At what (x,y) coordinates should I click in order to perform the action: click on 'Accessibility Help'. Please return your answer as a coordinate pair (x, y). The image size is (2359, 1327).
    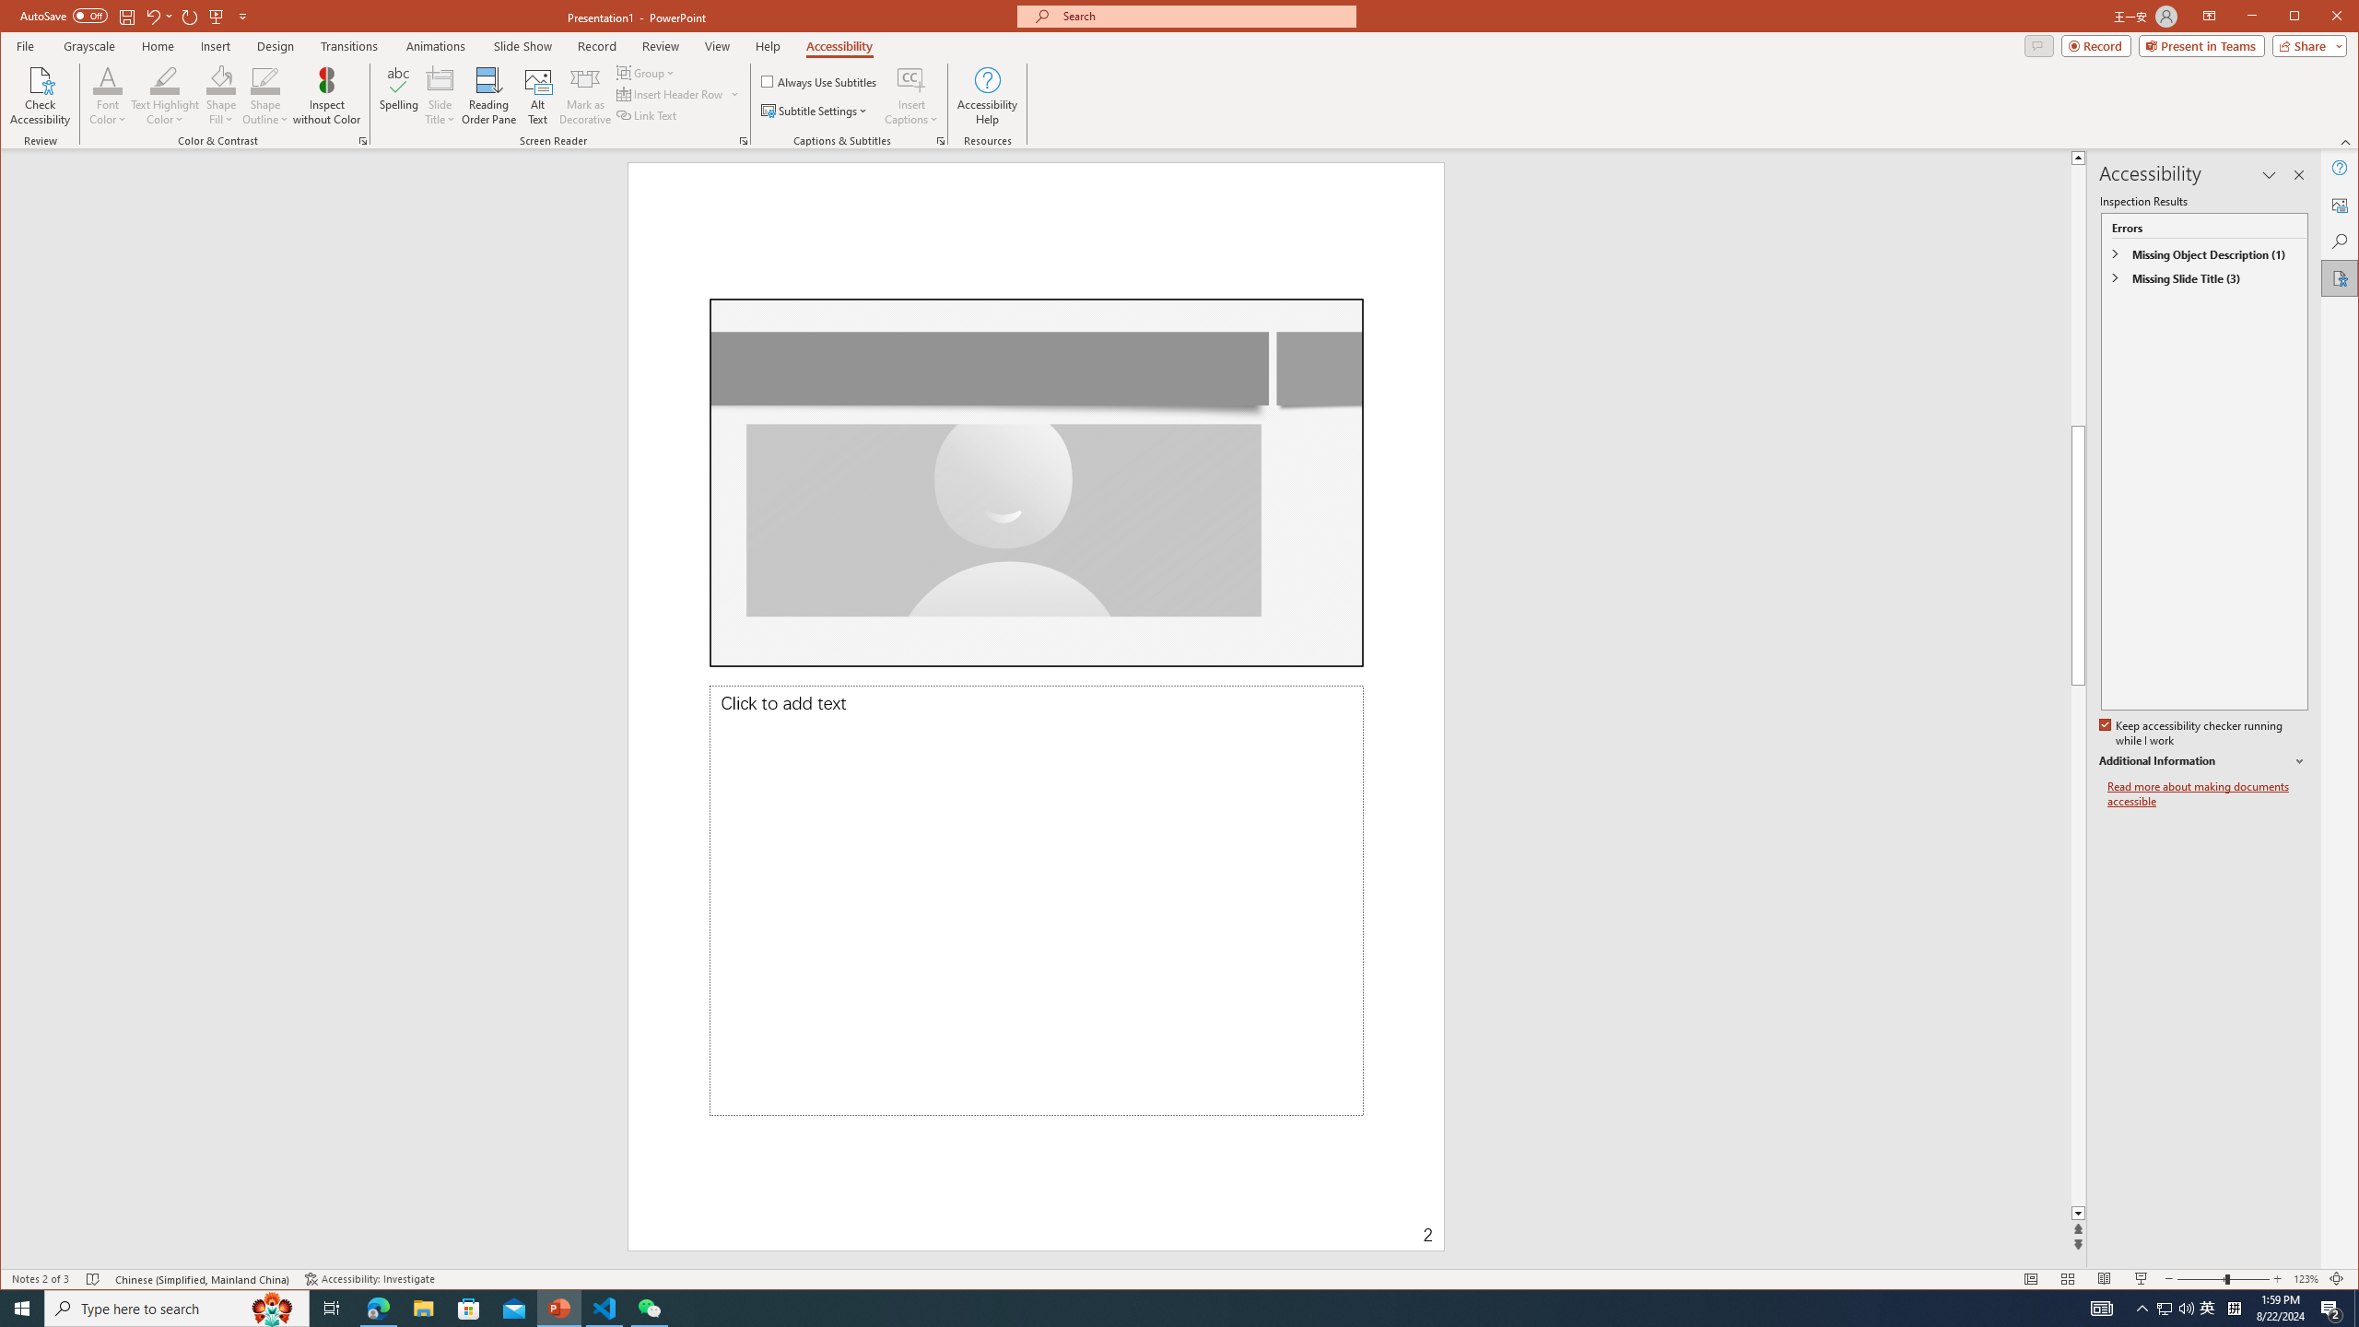
    Looking at the image, I should click on (987, 95).